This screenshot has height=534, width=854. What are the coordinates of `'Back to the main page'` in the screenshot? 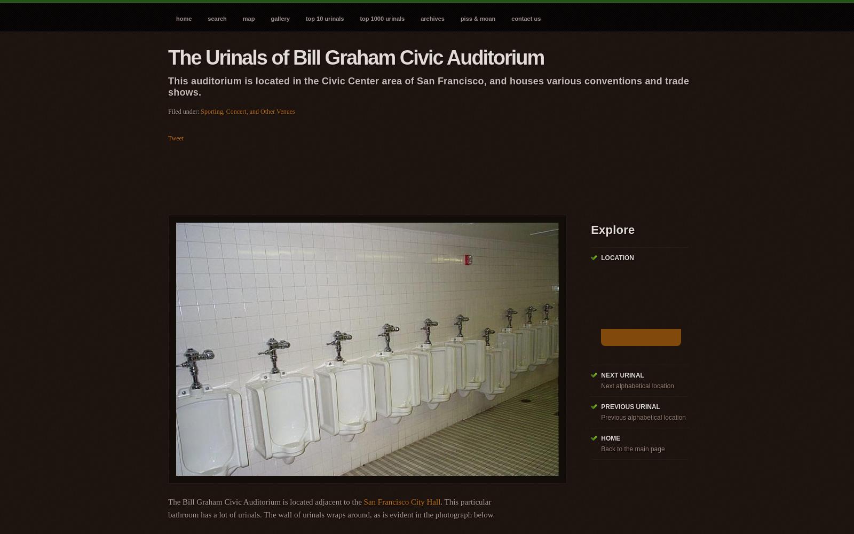 It's located at (632, 448).